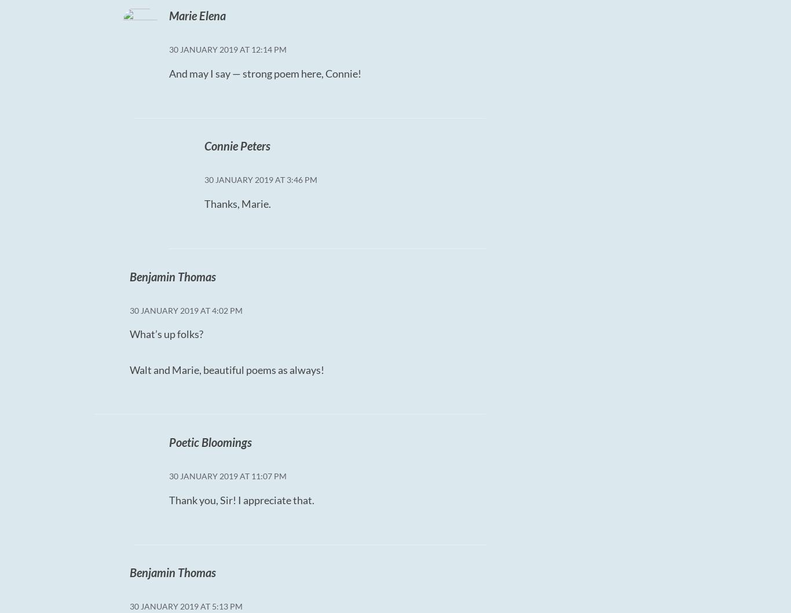 This screenshot has height=613, width=791. What do you see at coordinates (265, 72) in the screenshot?
I see `'And may I say — strong poem here, Connie!'` at bounding box center [265, 72].